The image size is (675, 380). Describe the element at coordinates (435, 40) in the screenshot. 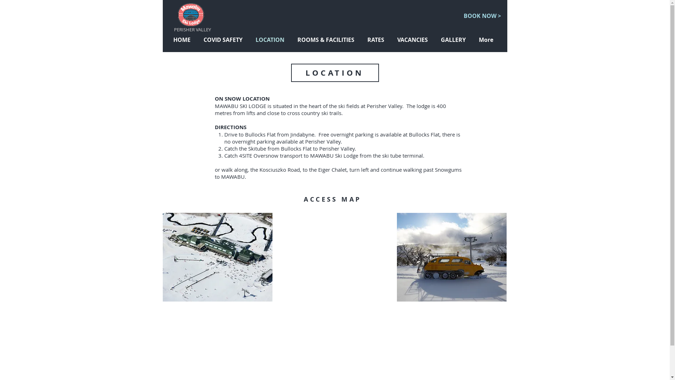

I see `'GALLERY'` at that location.